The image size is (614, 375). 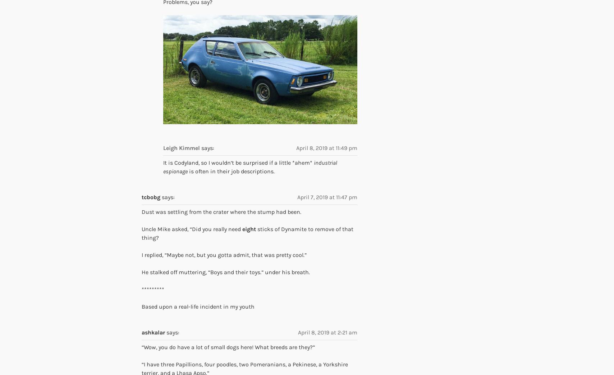 What do you see at coordinates (142, 197) in the screenshot?
I see `'tcbobg'` at bounding box center [142, 197].